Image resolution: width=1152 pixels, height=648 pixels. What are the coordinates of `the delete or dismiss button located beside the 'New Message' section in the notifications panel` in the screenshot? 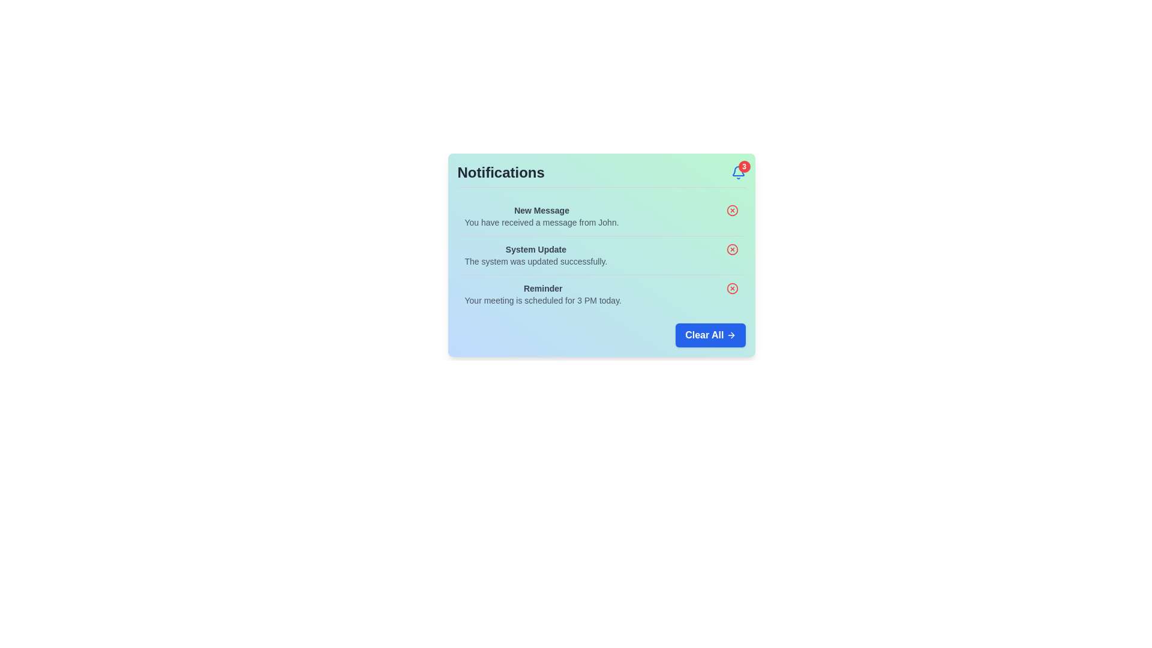 It's located at (731, 210).